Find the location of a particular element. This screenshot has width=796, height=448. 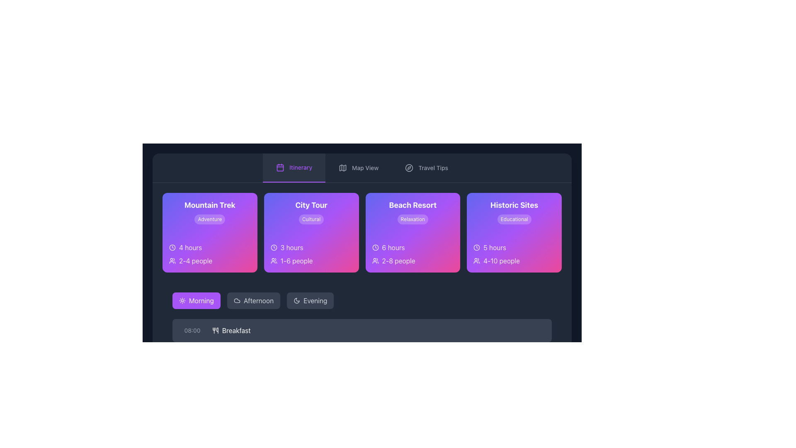

the 'Beach Resort' card, which is the third card in a horizontally aligned grid menu, positioned between the 'City Tour' and 'Historic Sites' cards is located at coordinates (413, 232).